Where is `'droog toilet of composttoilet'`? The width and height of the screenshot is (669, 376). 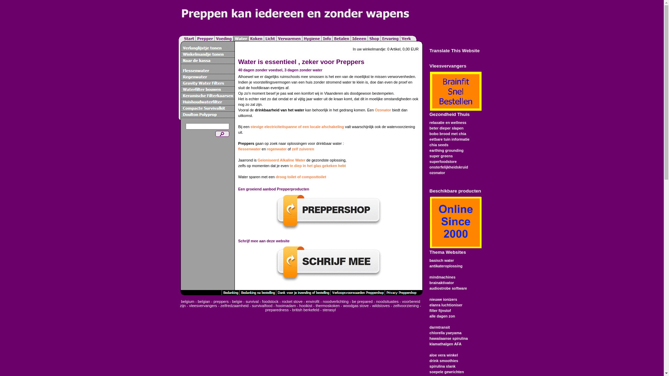 'droog toilet of composttoilet' is located at coordinates (276, 177).